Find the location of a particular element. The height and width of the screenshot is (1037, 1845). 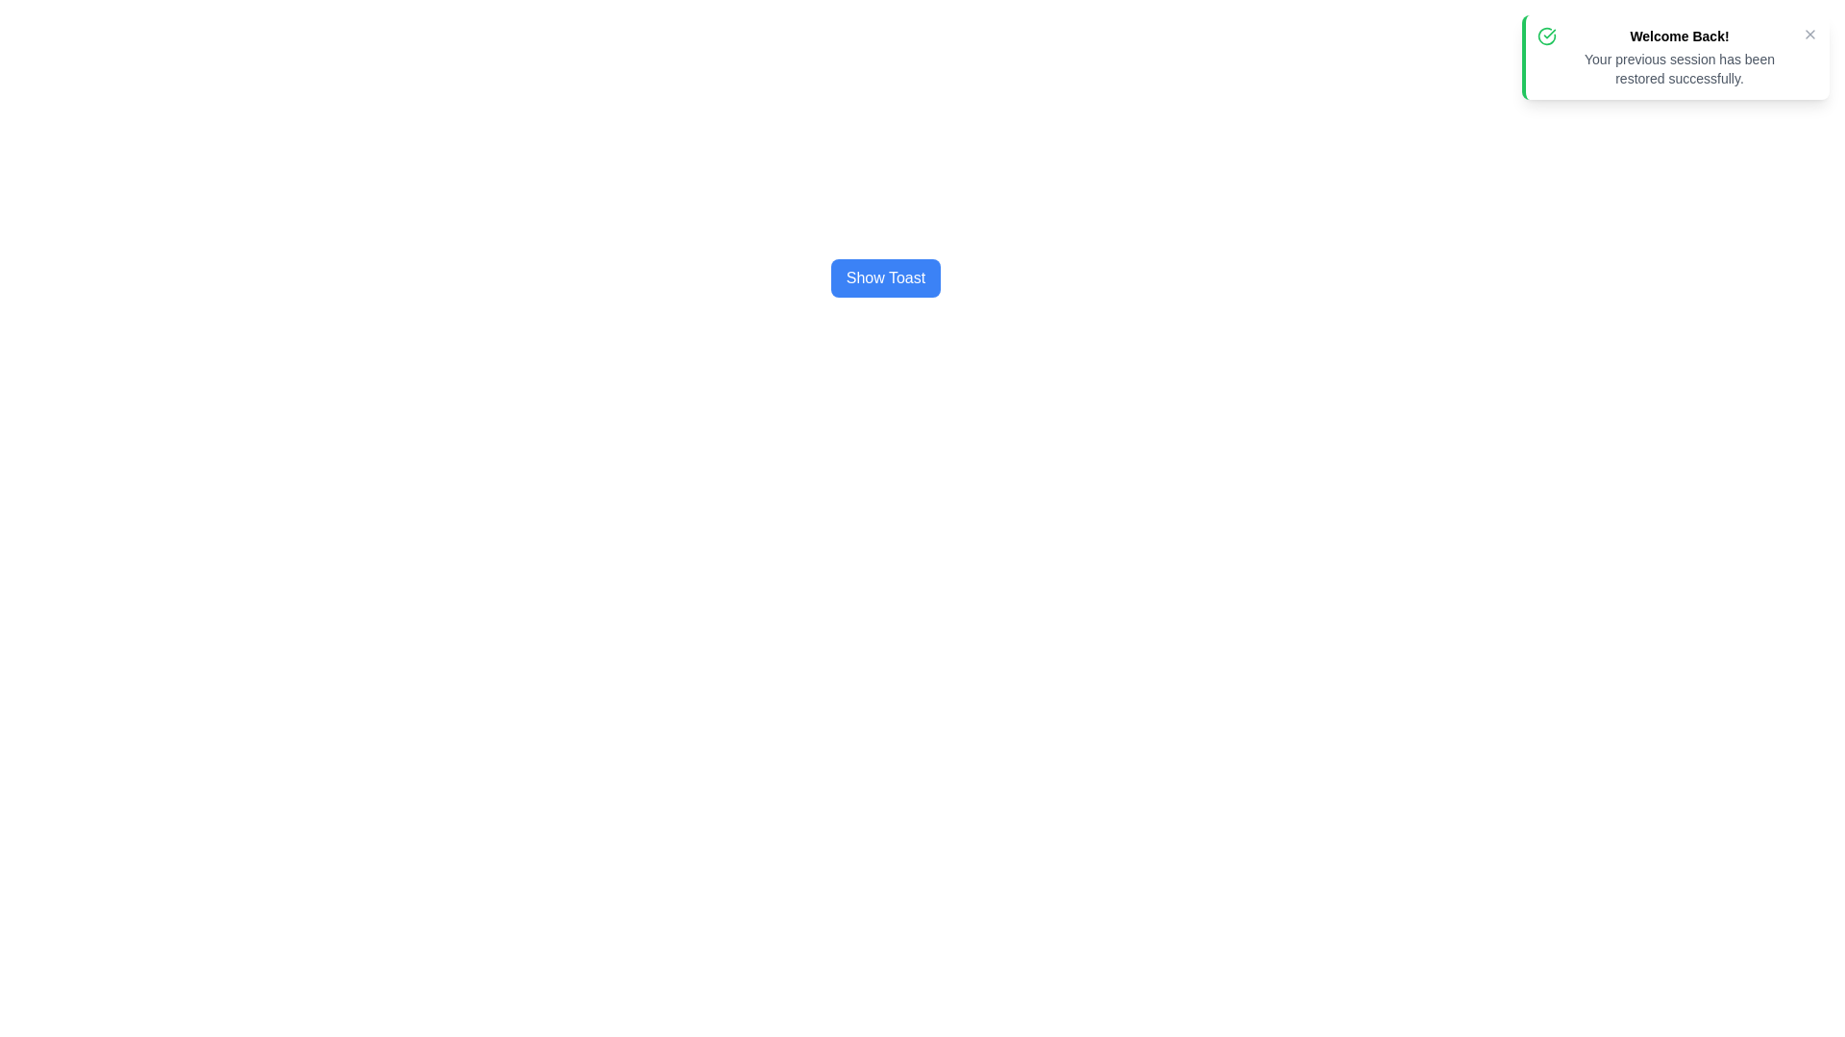

text content of the notification card located at the top-right corner of the interface, which includes the bold text 'Welcome Back!' and the lighter text 'Your previous session has been restored successfully.' is located at coordinates (1678, 57).